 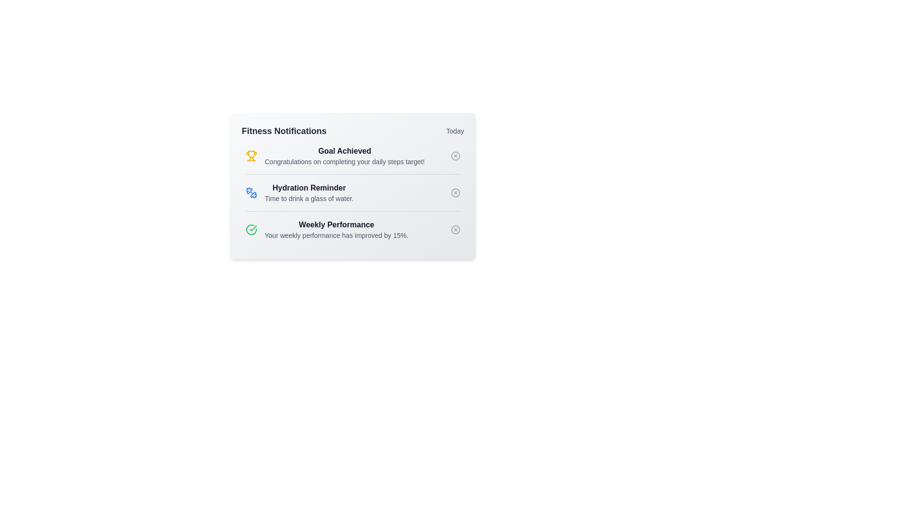 What do you see at coordinates (335, 156) in the screenshot?
I see `the Notification item that includes a yellow trophy icon and the text 'Goal Achieved' along with 'Congratulations on completing your daily steps target!'` at bounding box center [335, 156].